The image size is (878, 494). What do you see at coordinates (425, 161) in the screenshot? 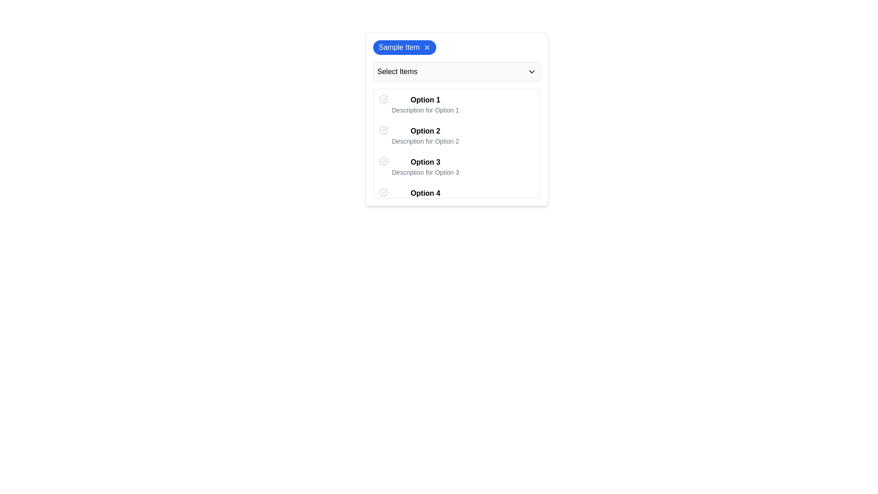
I see `text of the label 'Option 3' which is the third selectable option in the dropdown menu` at bounding box center [425, 161].